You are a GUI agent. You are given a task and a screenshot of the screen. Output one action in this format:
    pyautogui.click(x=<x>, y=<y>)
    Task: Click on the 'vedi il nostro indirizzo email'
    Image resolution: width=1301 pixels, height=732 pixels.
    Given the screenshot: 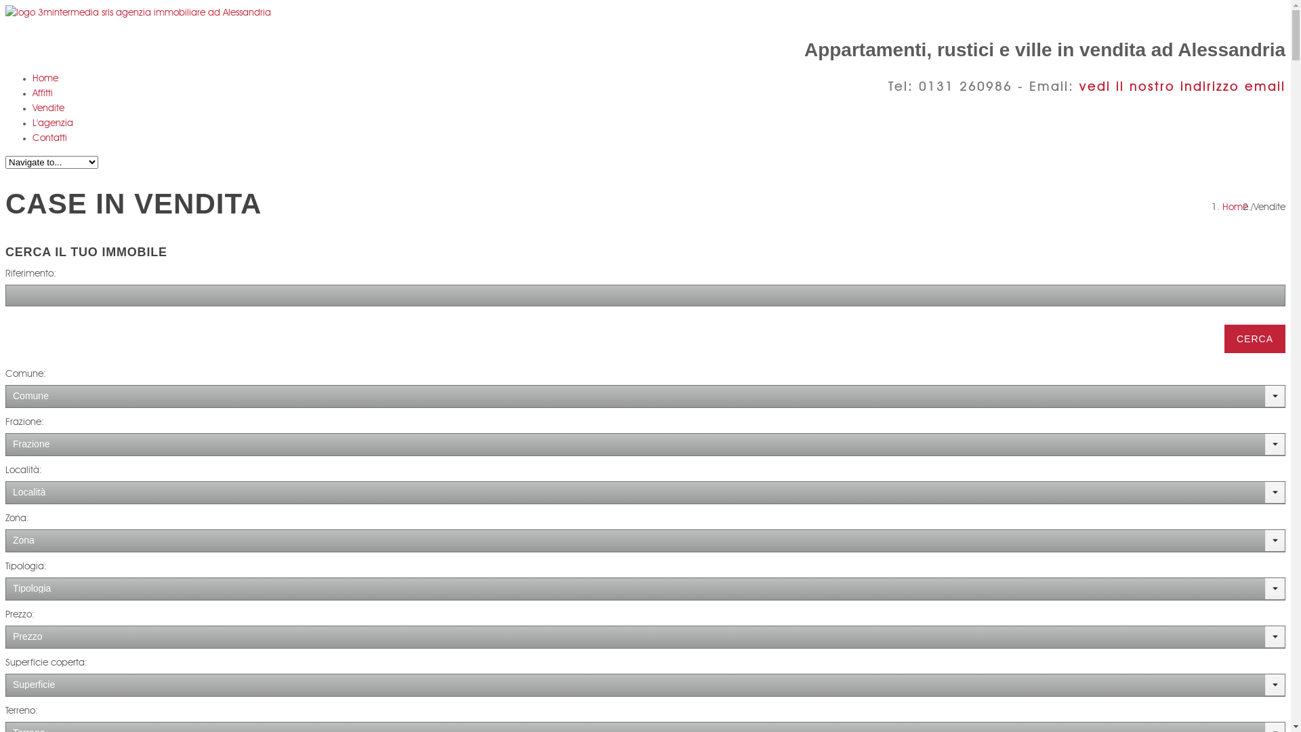 What is the action you would take?
    pyautogui.click(x=1182, y=87)
    